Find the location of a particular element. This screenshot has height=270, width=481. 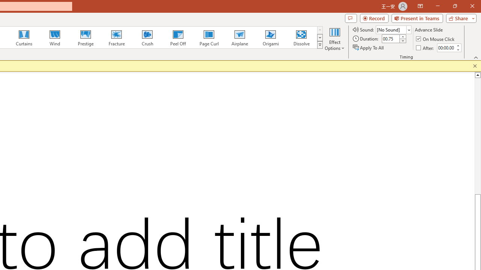

'Close this message' is located at coordinates (475, 66).